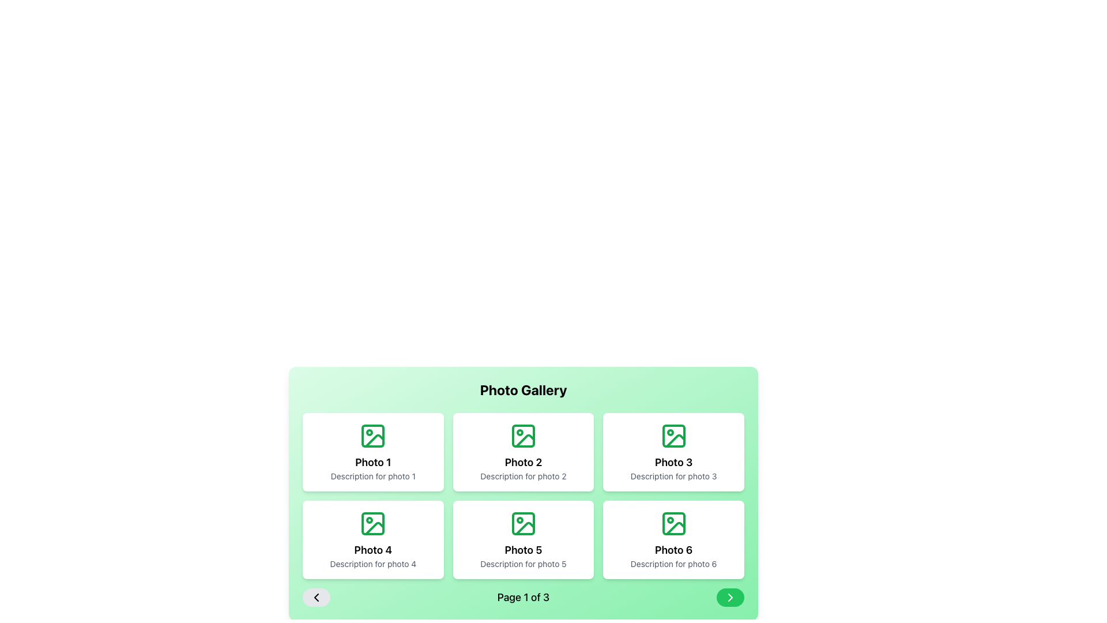 This screenshot has height=623, width=1107. What do you see at coordinates (673, 564) in the screenshot?
I see `the text label element that reads 'Description for photo 6', which is styled in a smaller font and soft gray color, located beneath the 'Photo 6' heading in the bottom-right corner of a grid layout` at bounding box center [673, 564].